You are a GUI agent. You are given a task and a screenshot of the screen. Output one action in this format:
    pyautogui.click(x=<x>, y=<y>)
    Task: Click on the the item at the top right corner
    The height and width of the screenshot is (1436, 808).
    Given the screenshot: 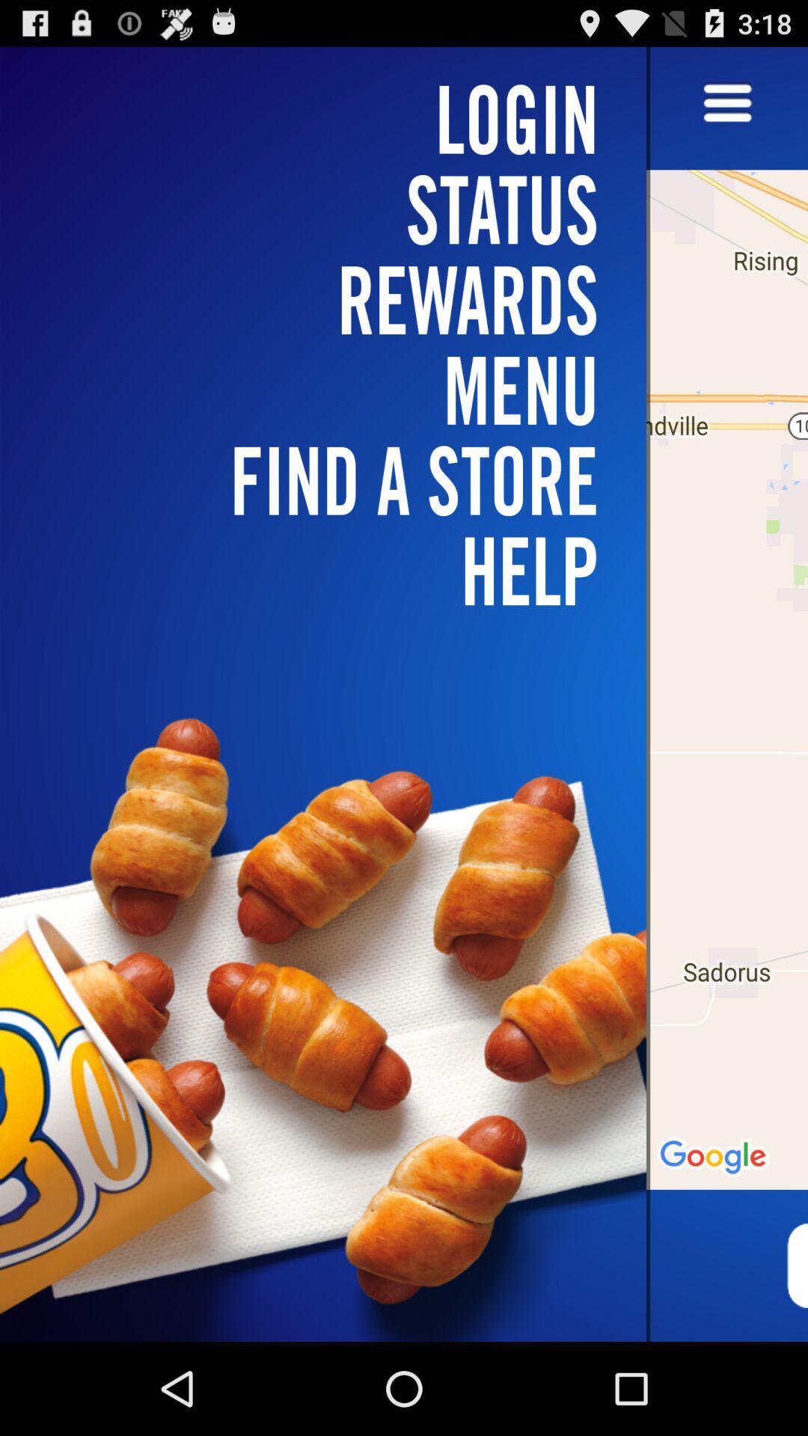 What is the action you would take?
    pyautogui.click(x=726, y=103)
    